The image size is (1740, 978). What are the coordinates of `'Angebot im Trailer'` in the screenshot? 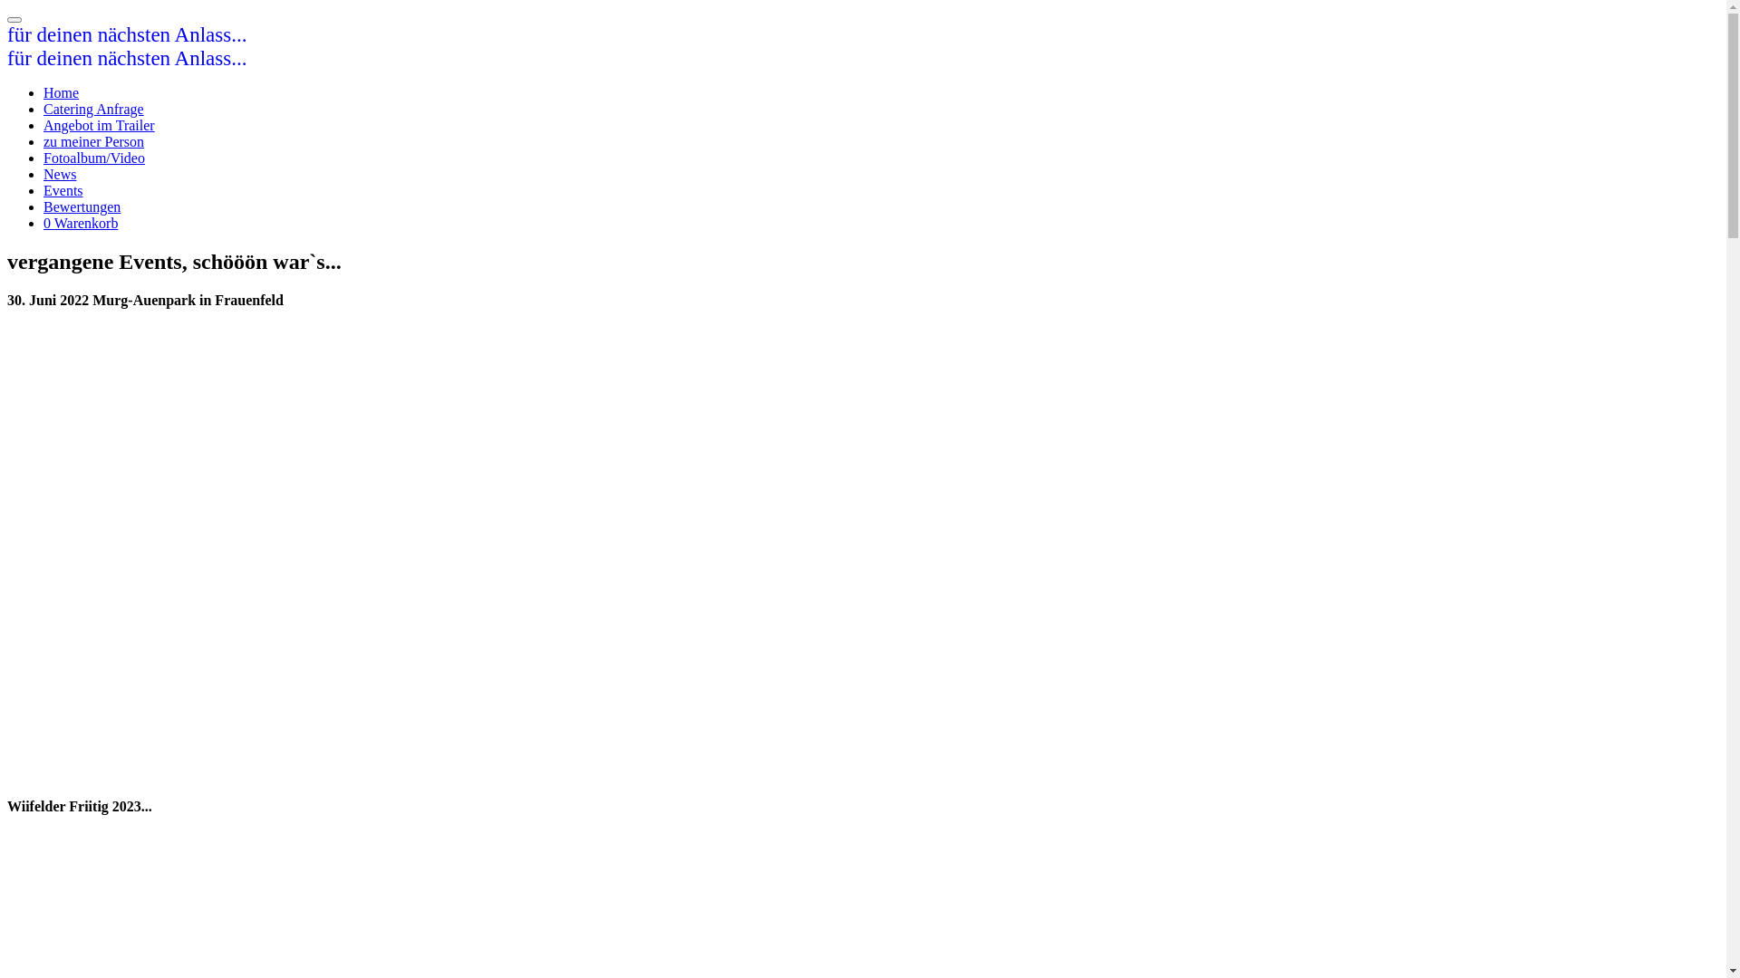 It's located at (98, 124).